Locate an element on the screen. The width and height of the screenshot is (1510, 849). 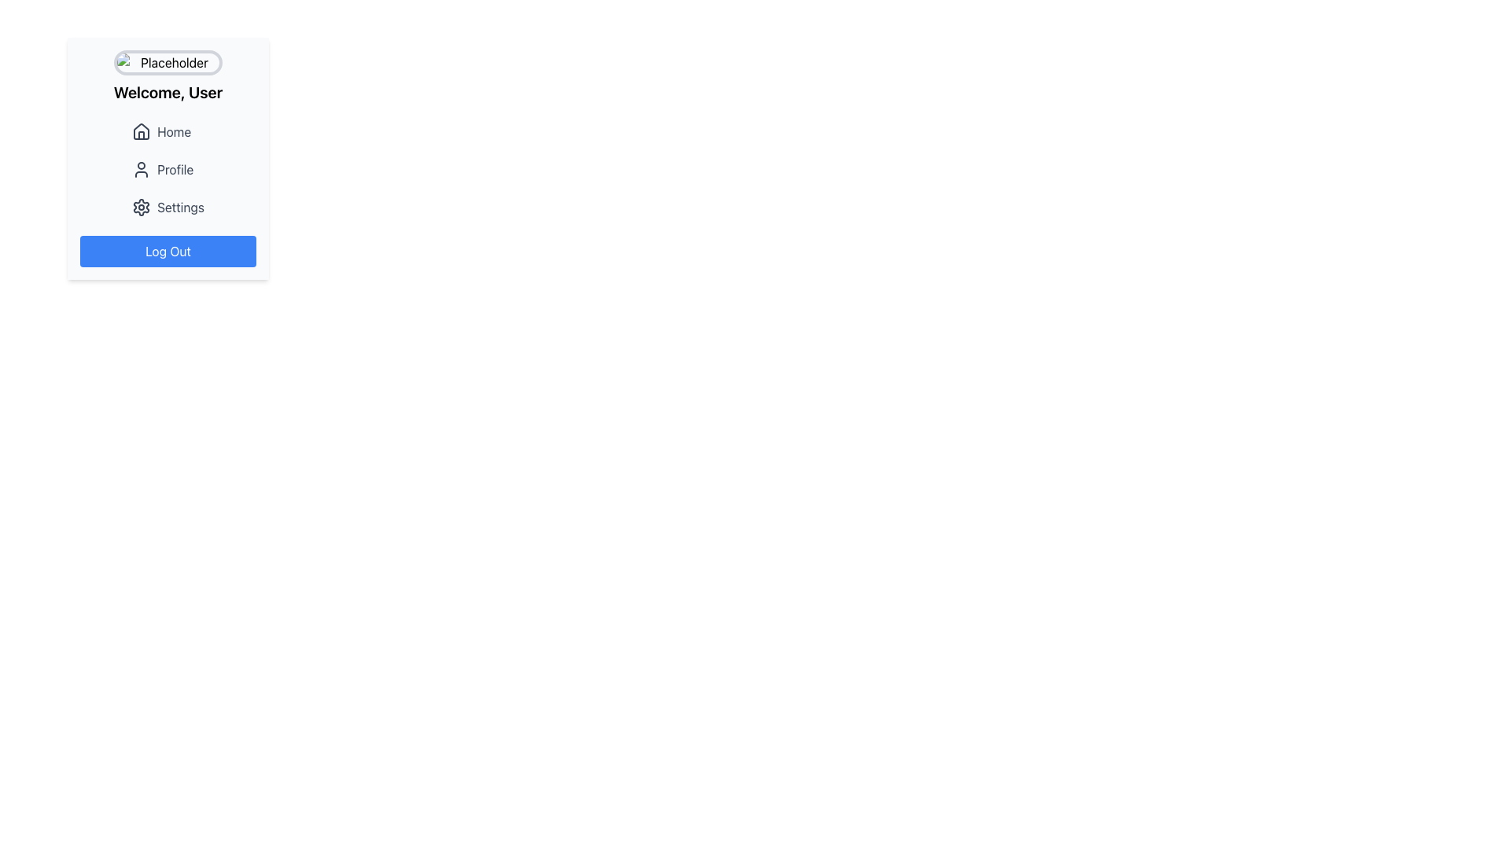
greeting message displayed in bold text saying 'Welcome, User', which is centrally aligned below an image is located at coordinates (168, 93).